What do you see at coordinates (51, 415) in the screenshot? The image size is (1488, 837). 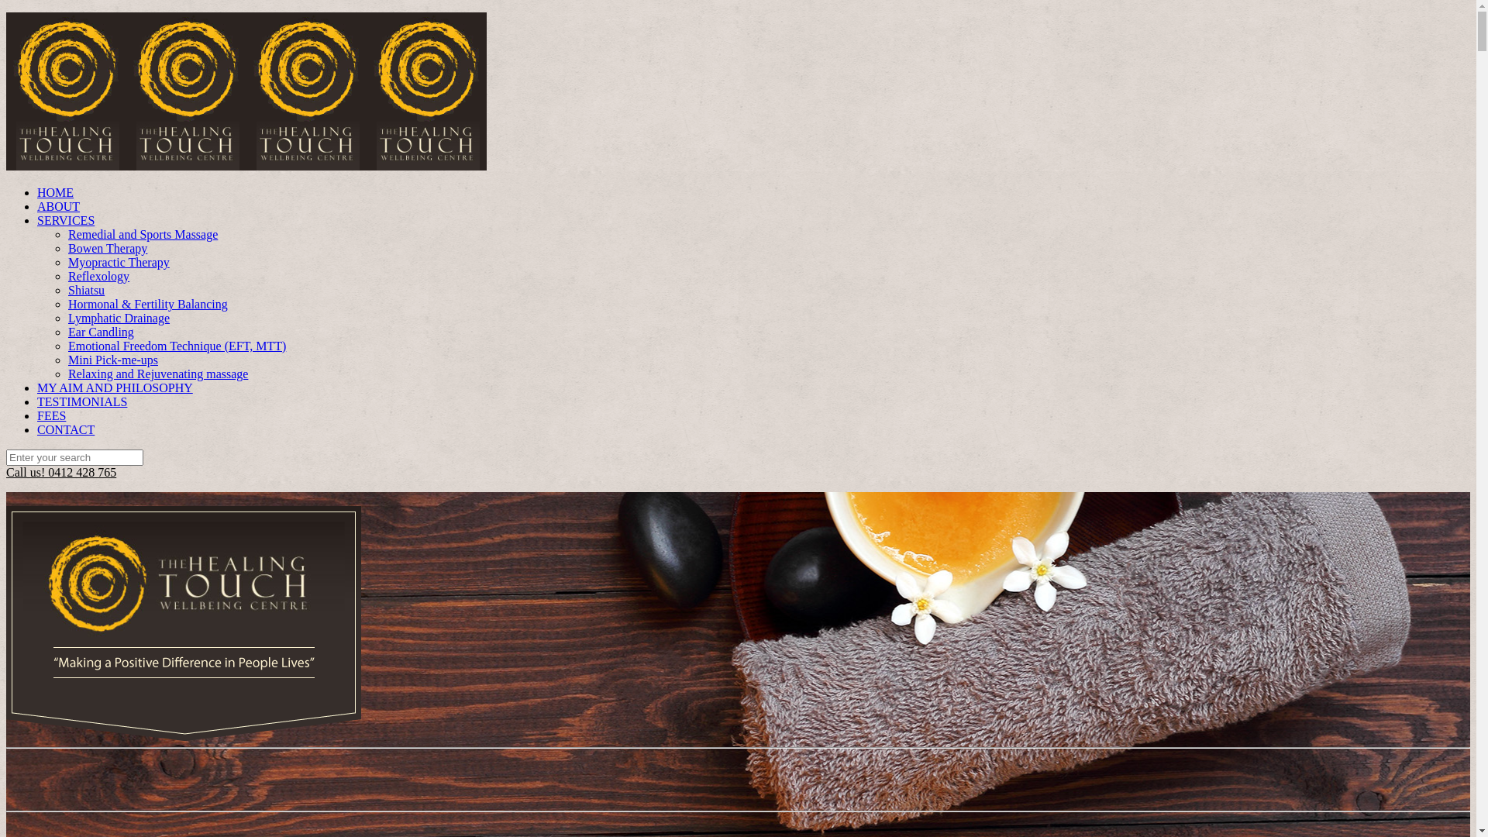 I see `'FEES'` at bounding box center [51, 415].